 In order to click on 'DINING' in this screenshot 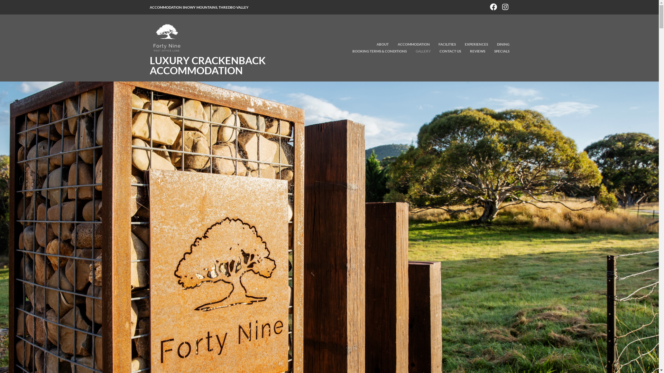, I will do `click(499, 44)`.